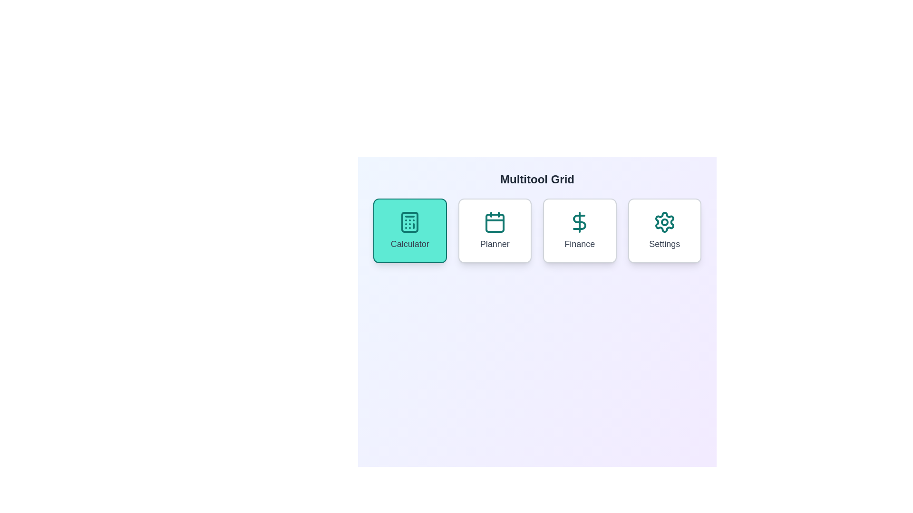 The height and width of the screenshot is (513, 913). Describe the element at coordinates (410, 231) in the screenshot. I see `the 'Calculator' button, which has a teal background, rounded corners, and an icon of a calculator above the text 'Calculator'` at that location.